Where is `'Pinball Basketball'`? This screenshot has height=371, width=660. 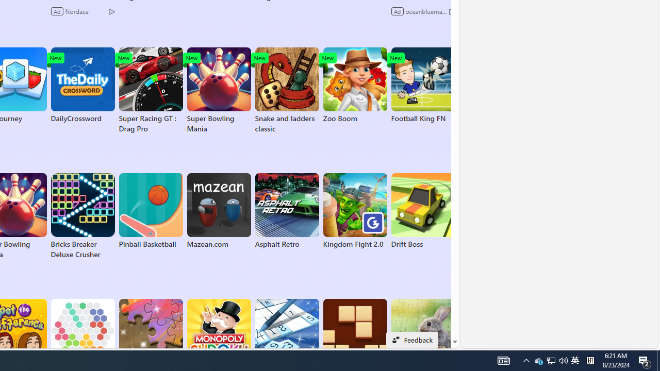 'Pinball Basketball' is located at coordinates (150, 211).